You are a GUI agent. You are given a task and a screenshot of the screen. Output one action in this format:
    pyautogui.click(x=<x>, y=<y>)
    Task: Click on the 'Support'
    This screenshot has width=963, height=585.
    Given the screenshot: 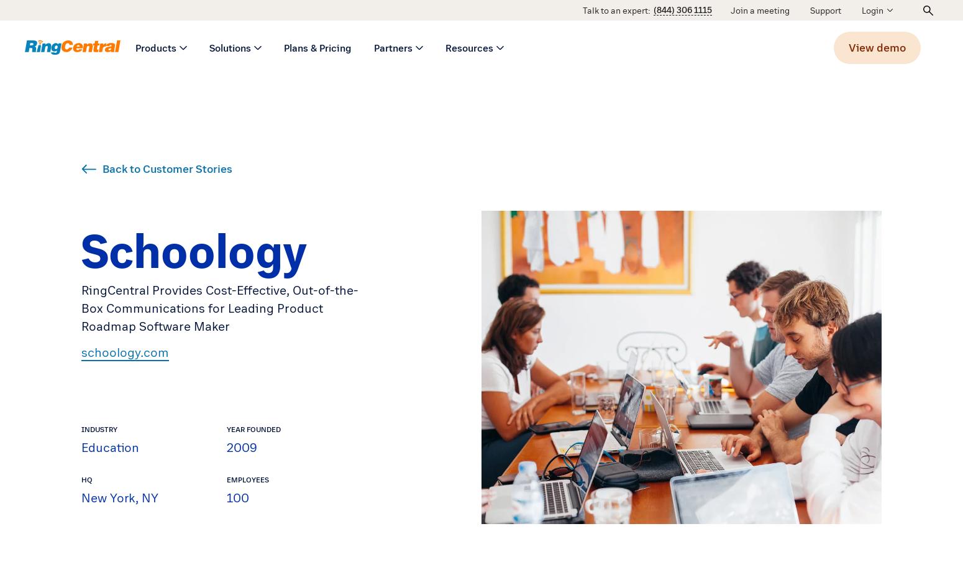 What is the action you would take?
    pyautogui.click(x=825, y=9)
    